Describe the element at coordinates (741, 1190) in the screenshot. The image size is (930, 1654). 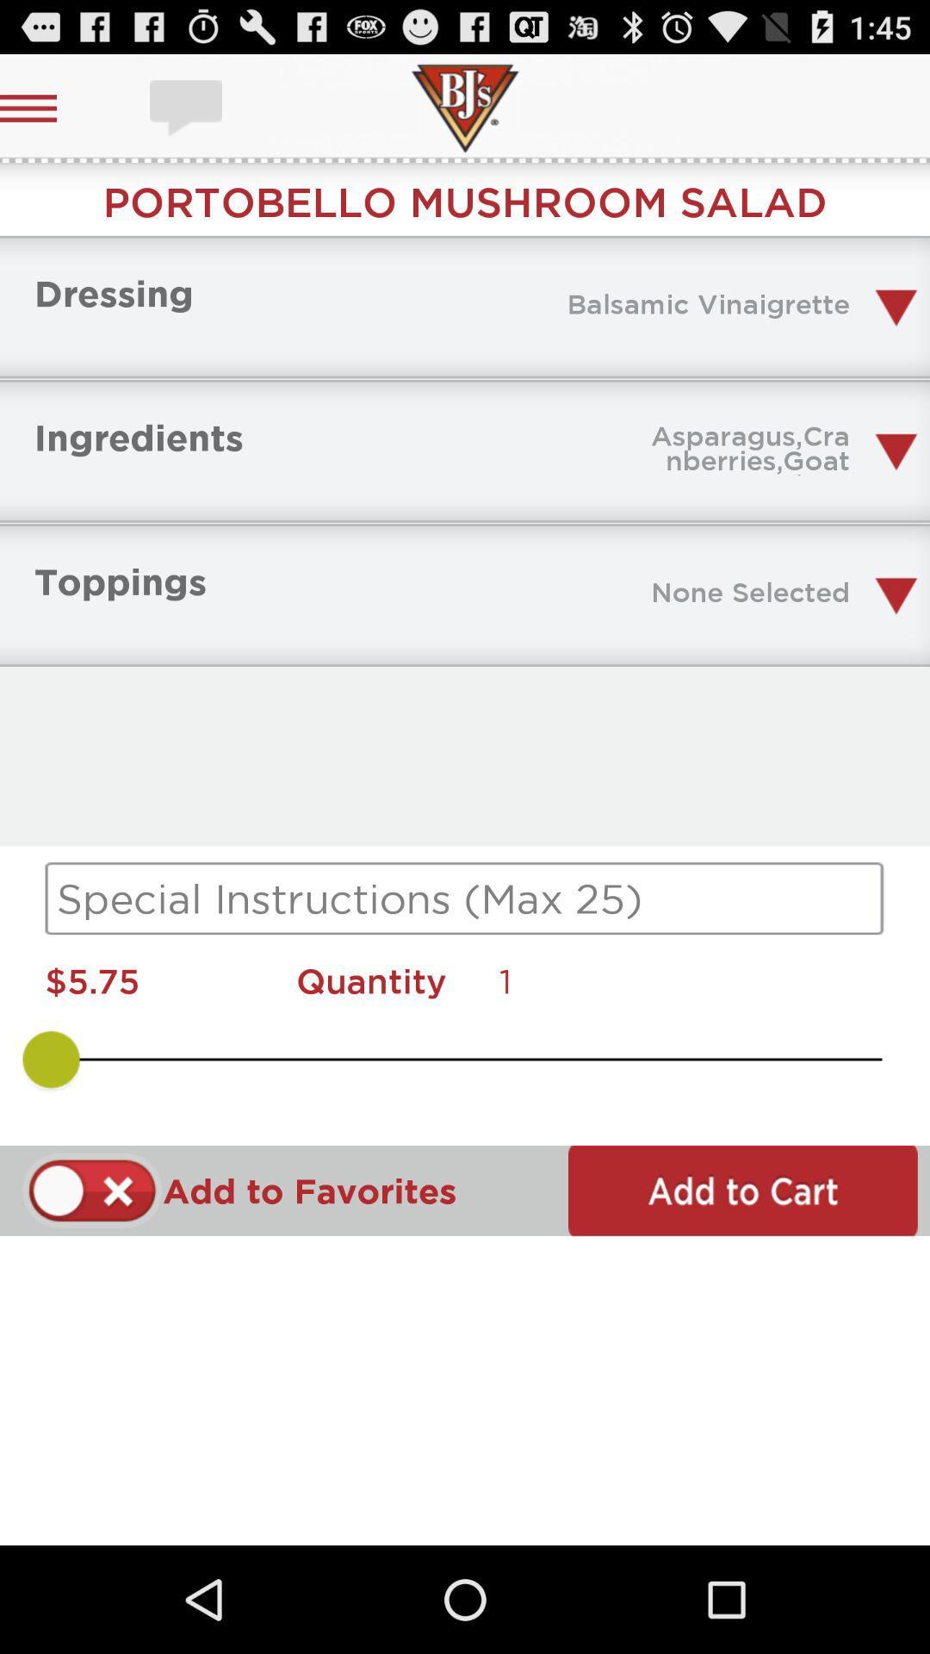
I see `to cart` at that location.